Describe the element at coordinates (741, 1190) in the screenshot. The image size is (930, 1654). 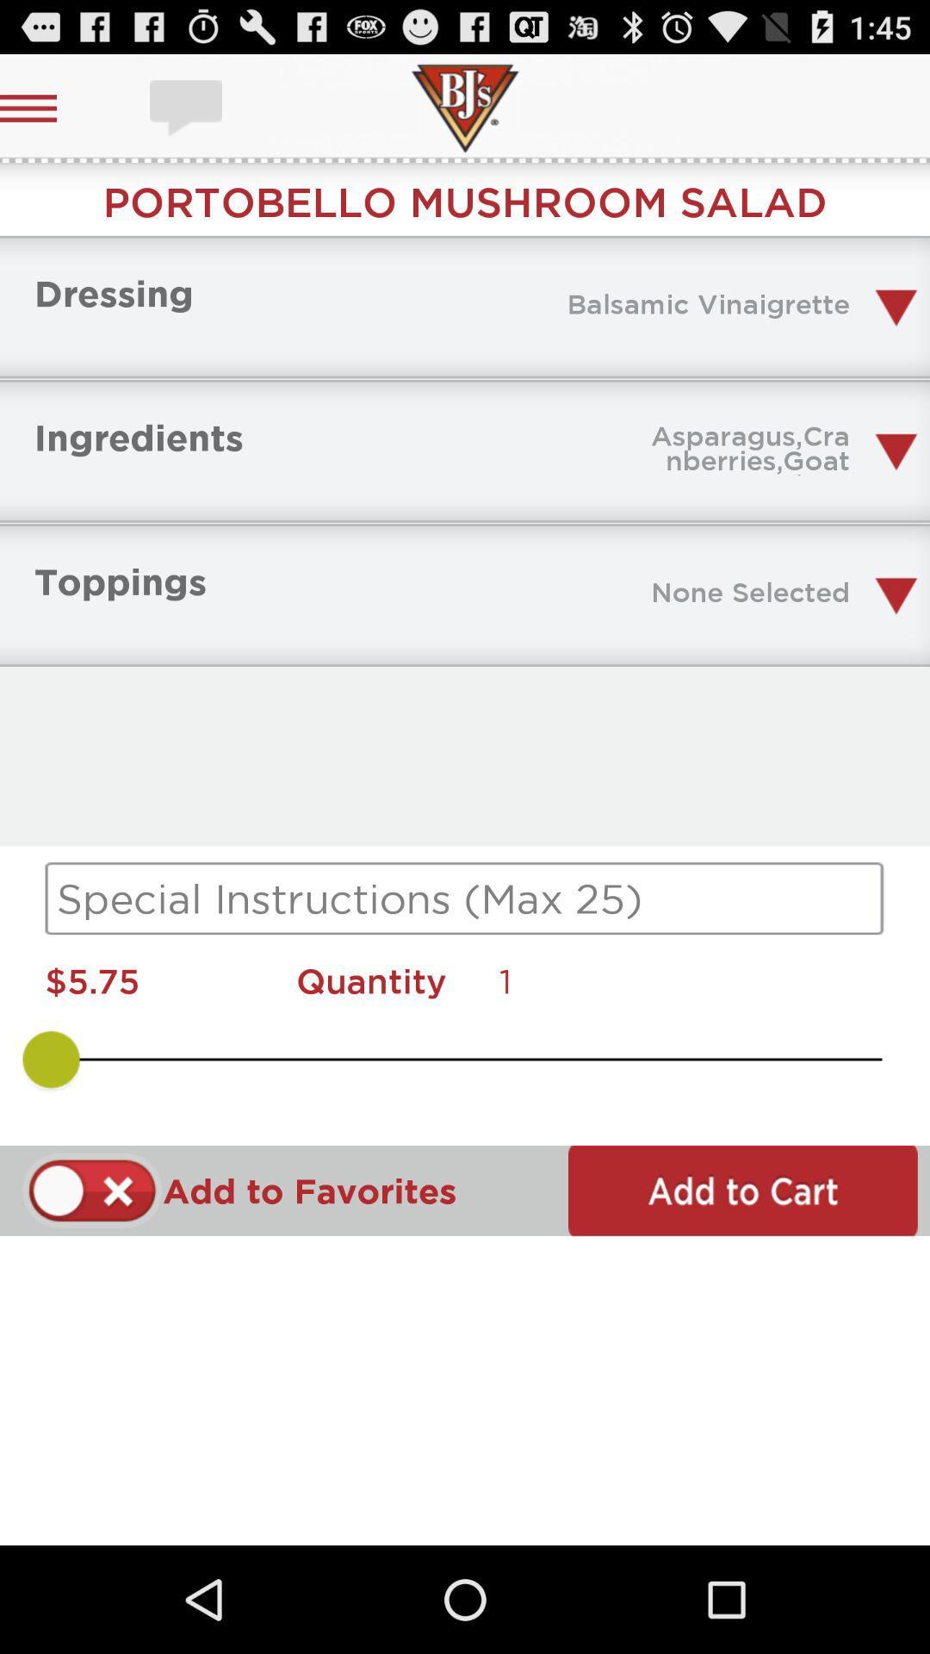
I see `to cart` at that location.